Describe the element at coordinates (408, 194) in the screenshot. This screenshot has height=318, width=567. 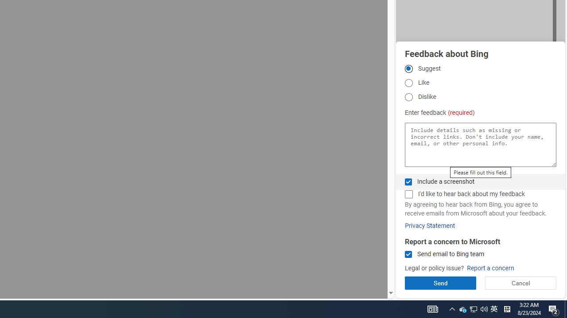
I see `'I'` at that location.